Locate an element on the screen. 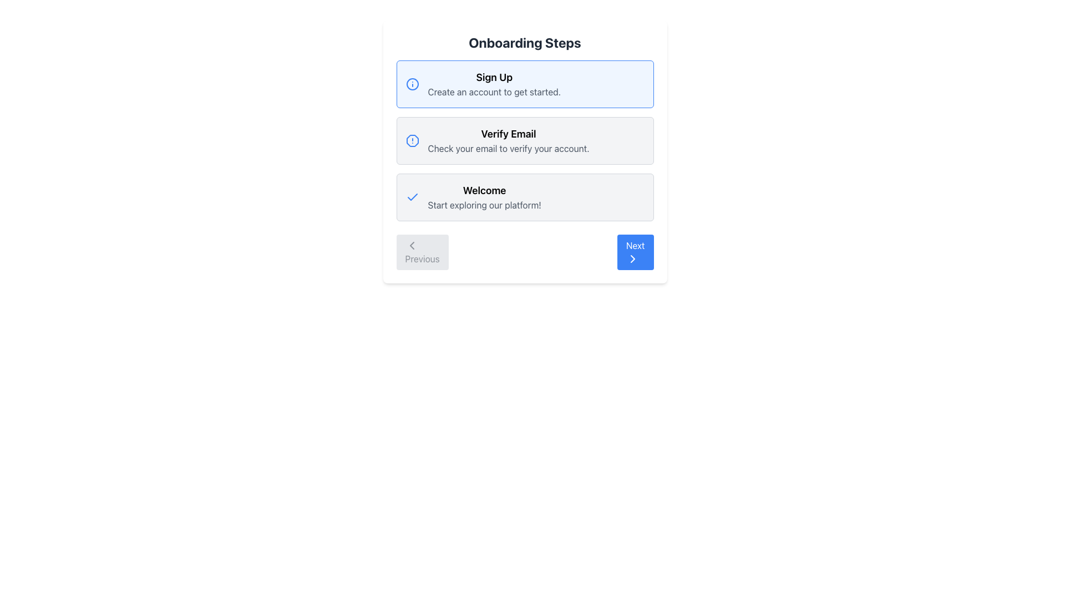 Image resolution: width=1065 pixels, height=599 pixels. the informational text block indicating the user needs to check their email for account verification, which is the second item in the onboarding steps is located at coordinates (508, 140).